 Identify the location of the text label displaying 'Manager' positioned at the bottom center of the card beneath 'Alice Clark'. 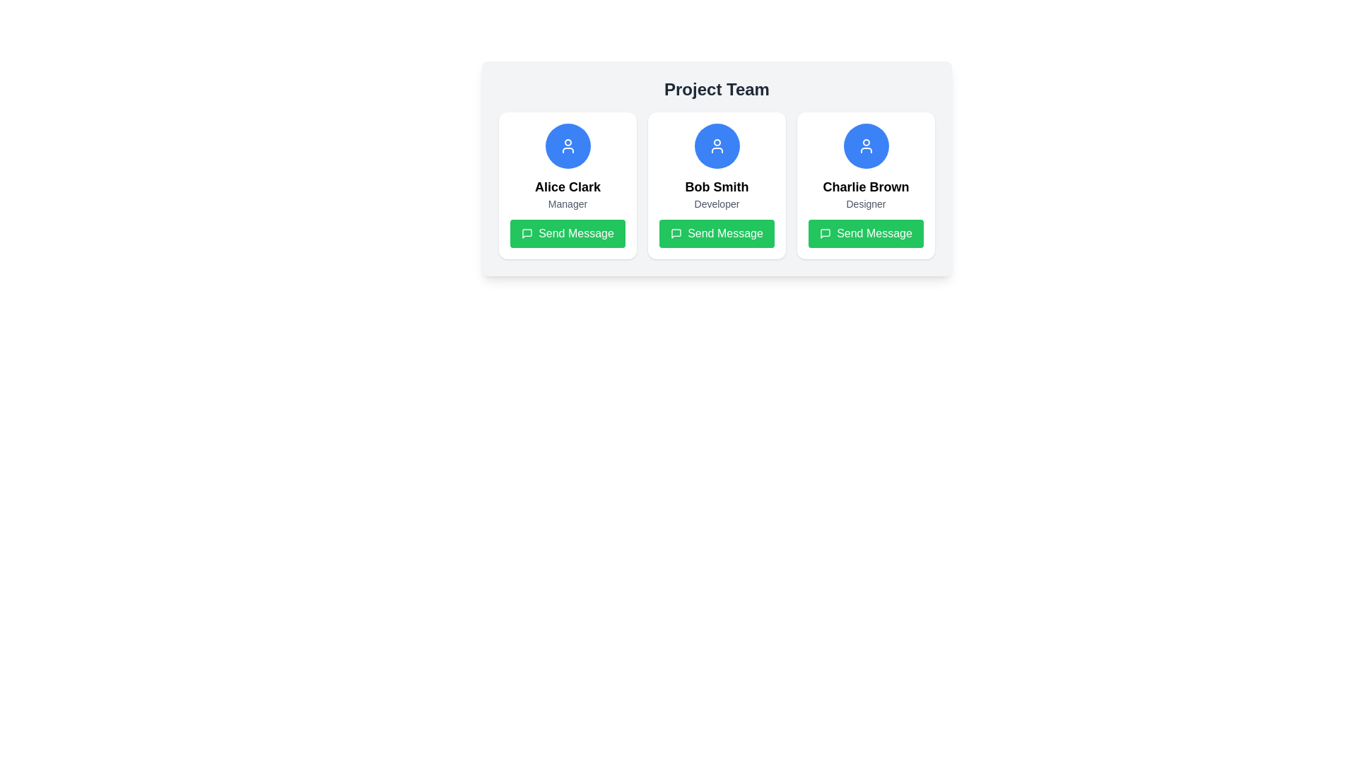
(568, 204).